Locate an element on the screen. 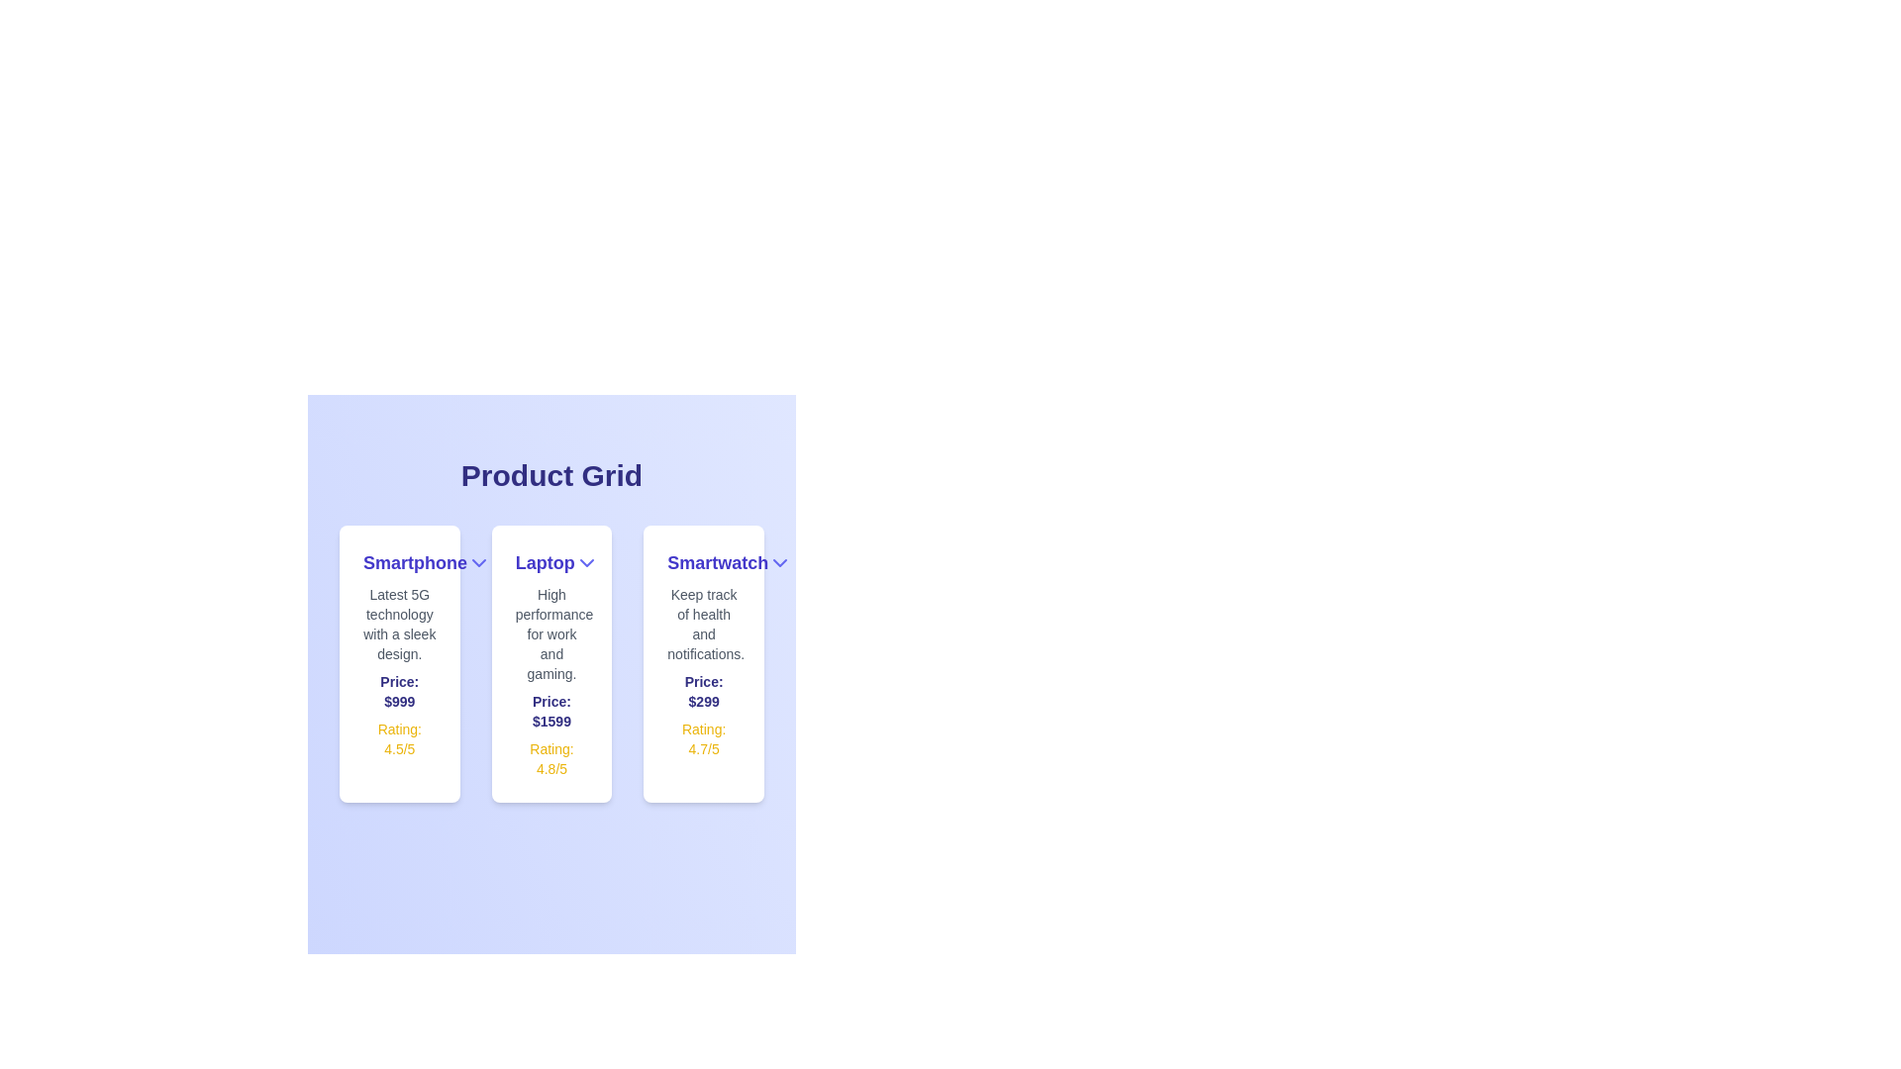  the text element displaying 'Price: $1599' is located at coordinates (551, 710).